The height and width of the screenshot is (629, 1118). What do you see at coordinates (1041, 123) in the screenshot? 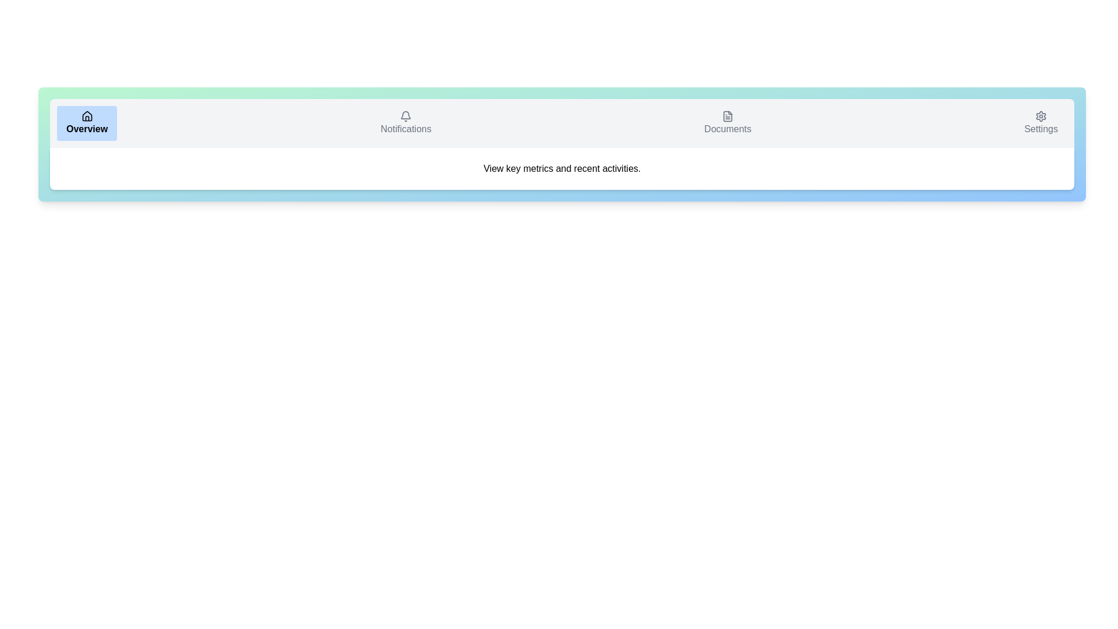
I see `the Settings tab to view its hover state` at bounding box center [1041, 123].